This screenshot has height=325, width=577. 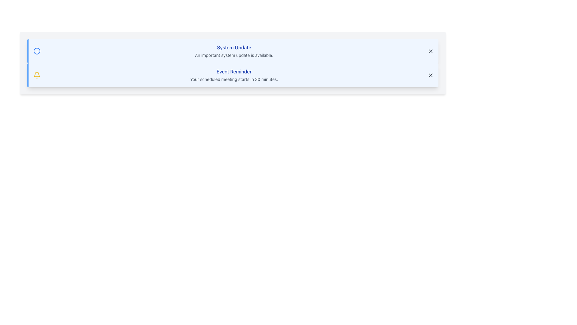 I want to click on the Informational Text Block that conveys a system update notification, which is positioned in a notification box with a light blue background and a blue left border, so click(x=234, y=51).